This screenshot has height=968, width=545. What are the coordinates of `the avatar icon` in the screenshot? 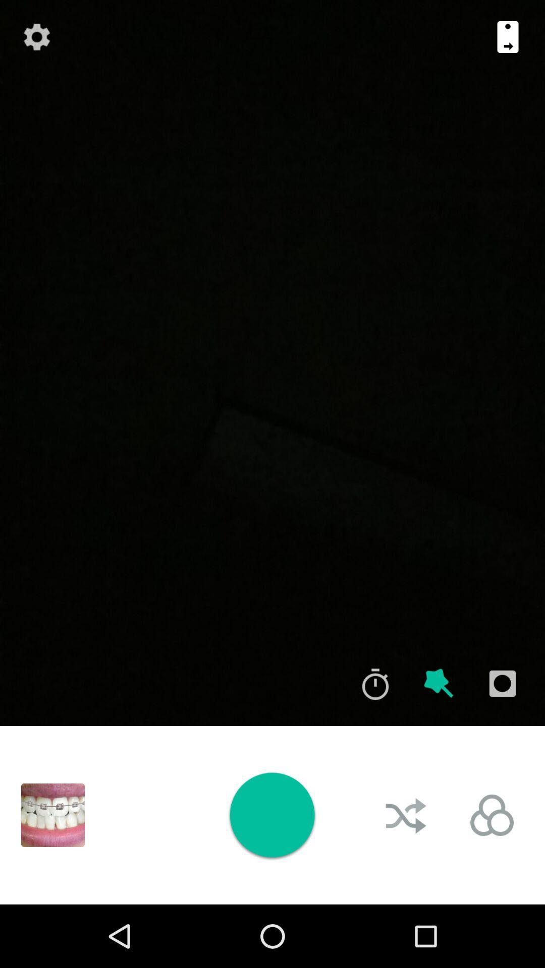 It's located at (492, 872).